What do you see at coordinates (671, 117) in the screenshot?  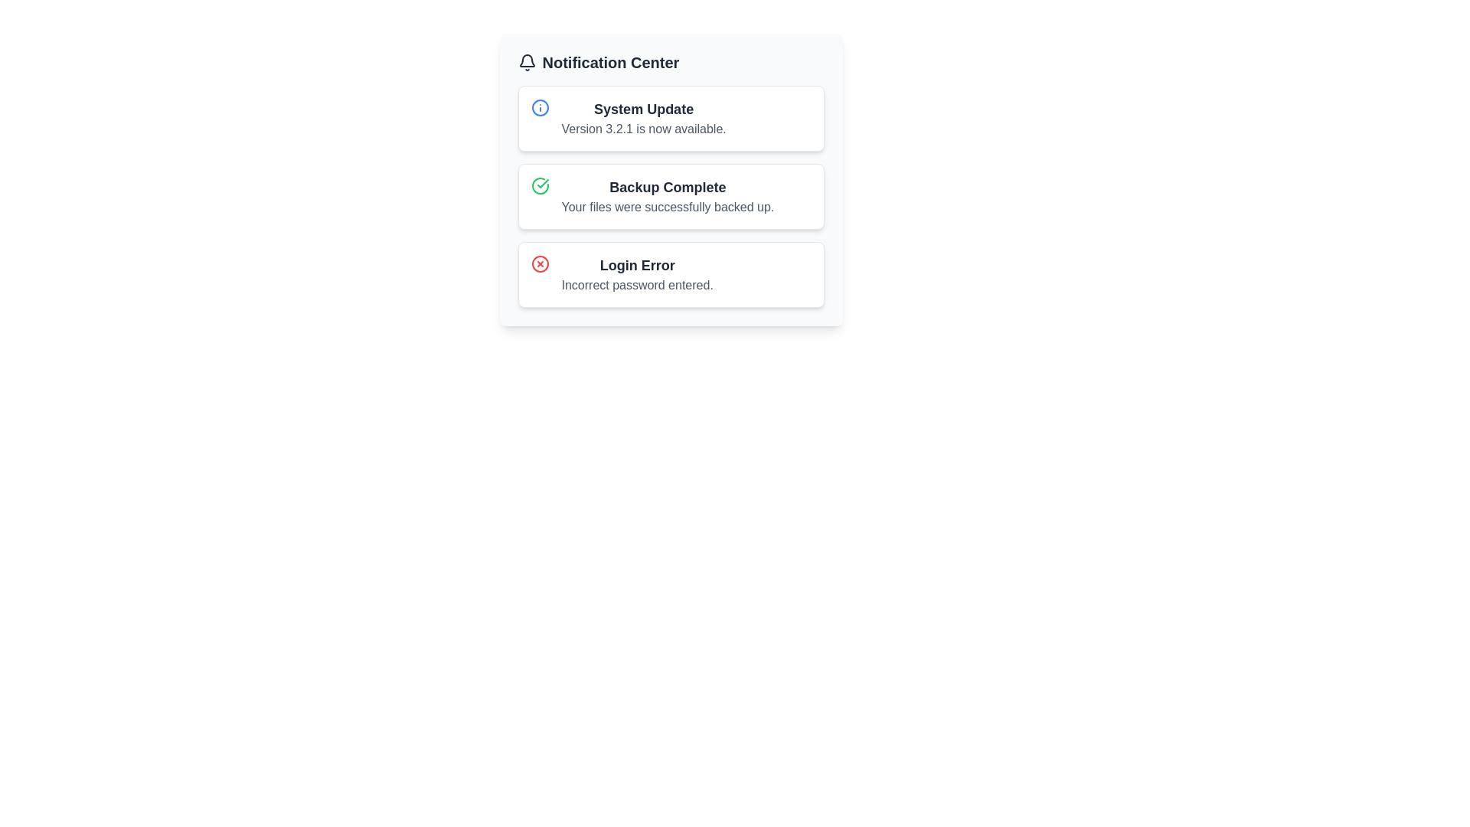 I see `the notification box styled with a white background and containing the title 'System Update' and subtitle 'Version 3.2.1 is now available.'` at bounding box center [671, 117].